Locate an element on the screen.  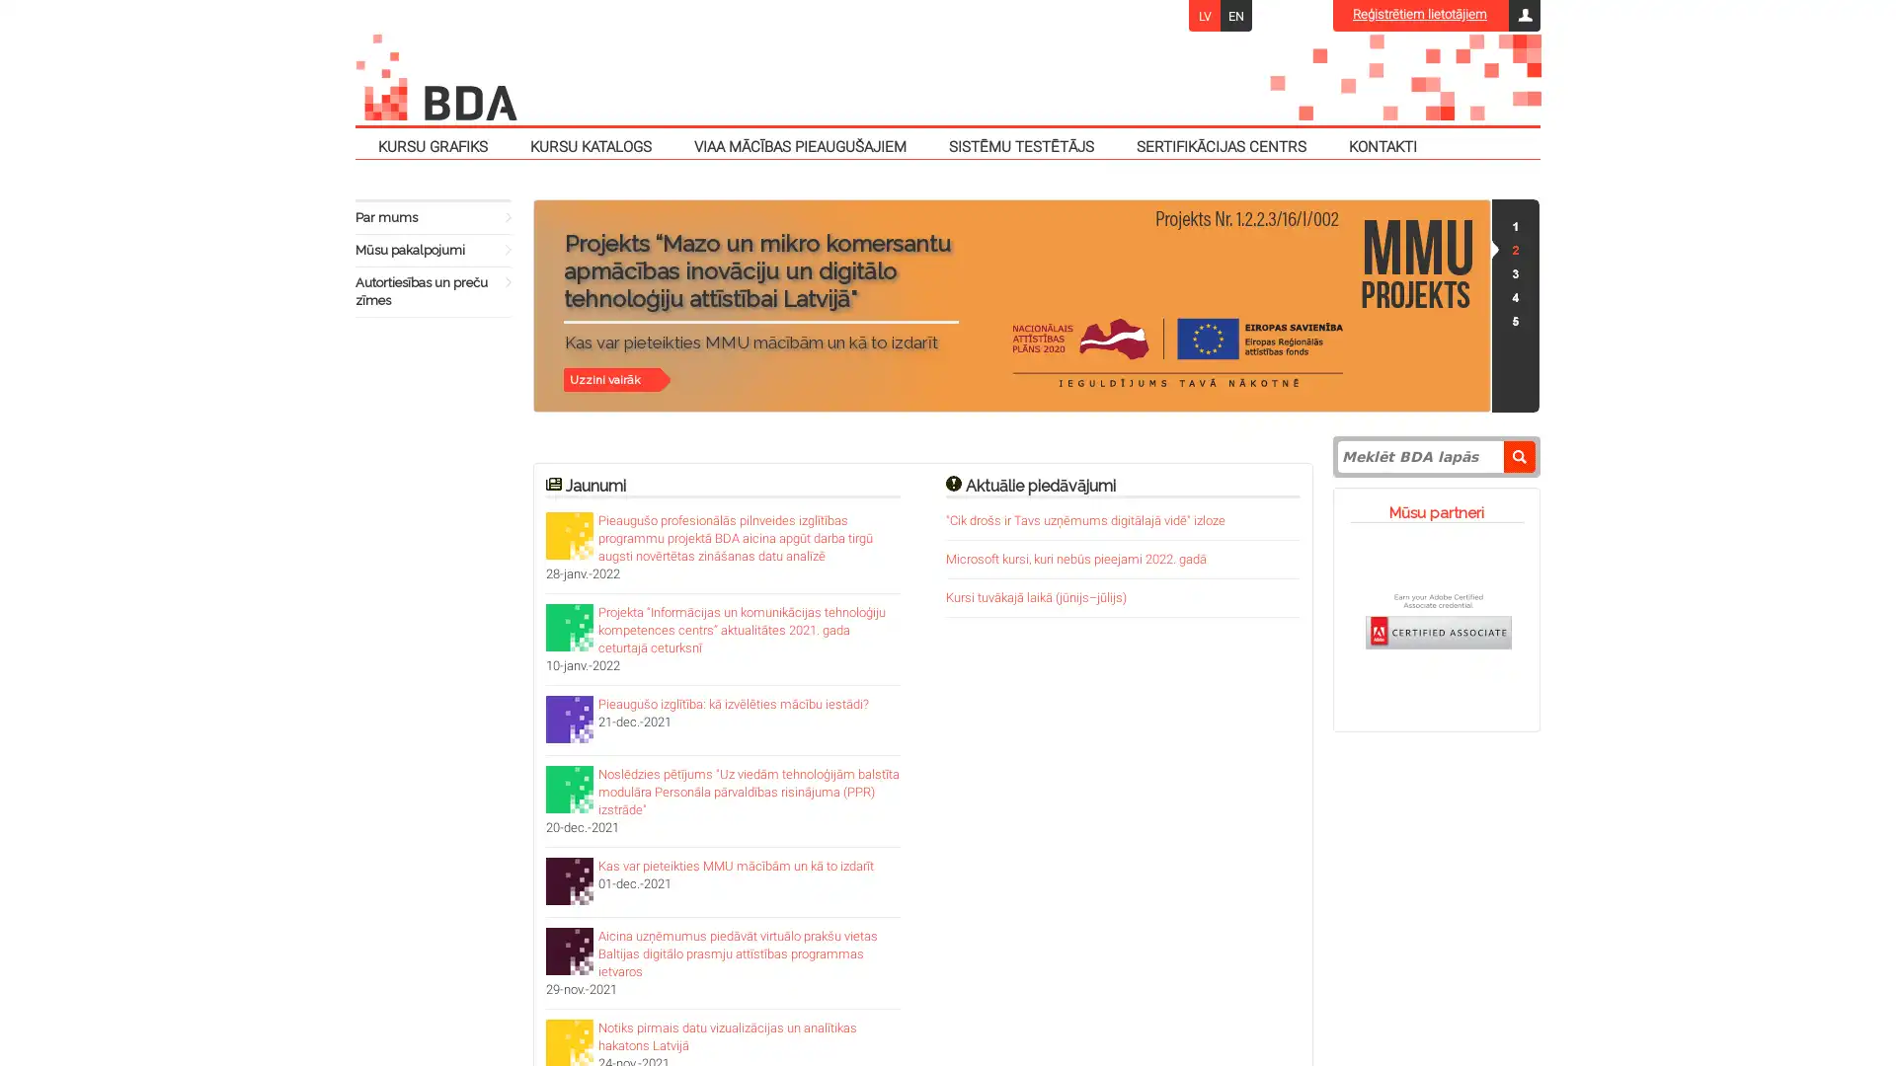
Meklet is located at coordinates (1519, 456).